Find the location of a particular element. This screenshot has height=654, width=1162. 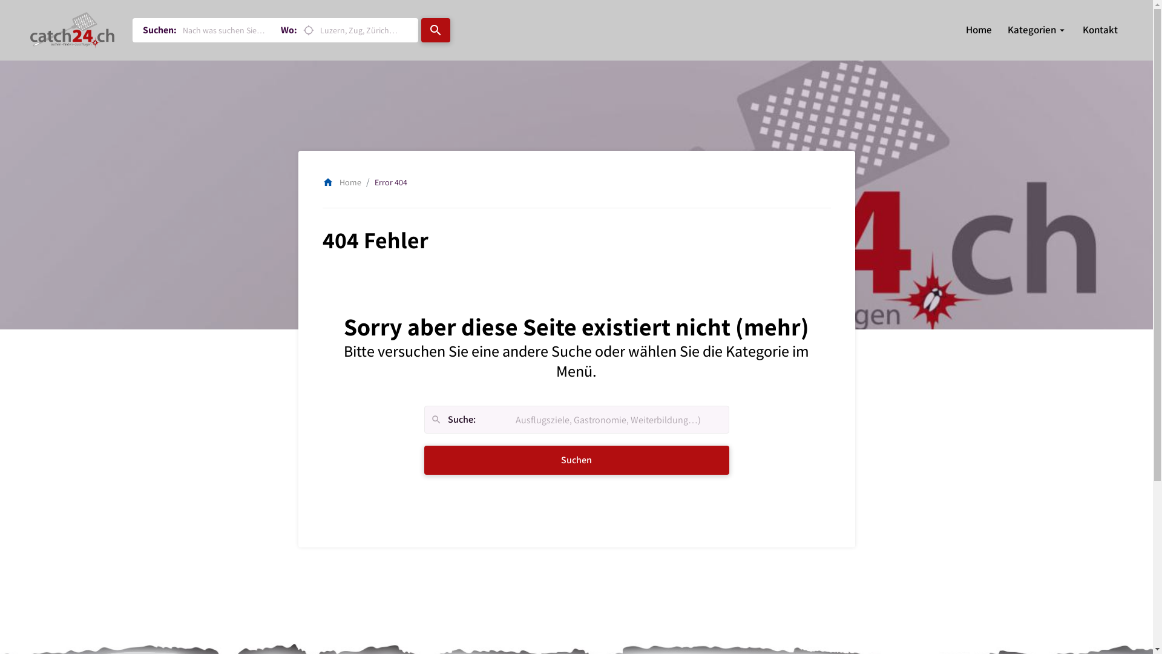

'homeHome' is located at coordinates (341, 182).